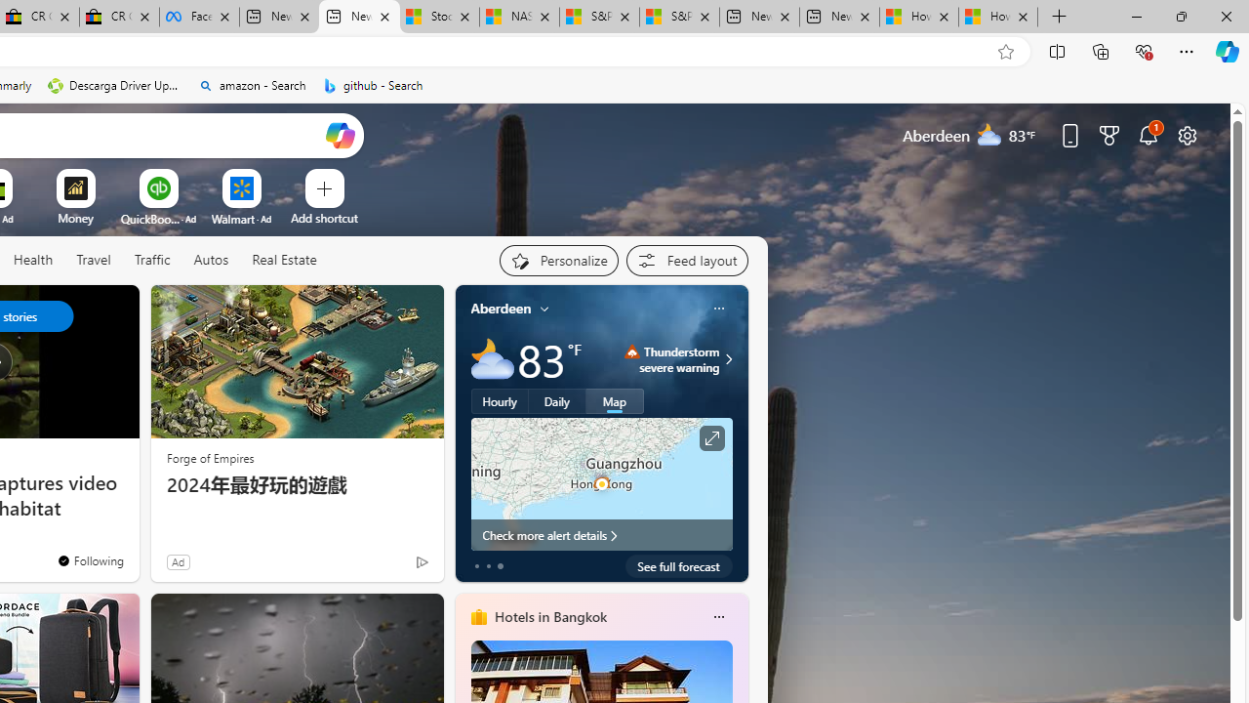  I want to click on 'See full forecast', so click(678, 565).